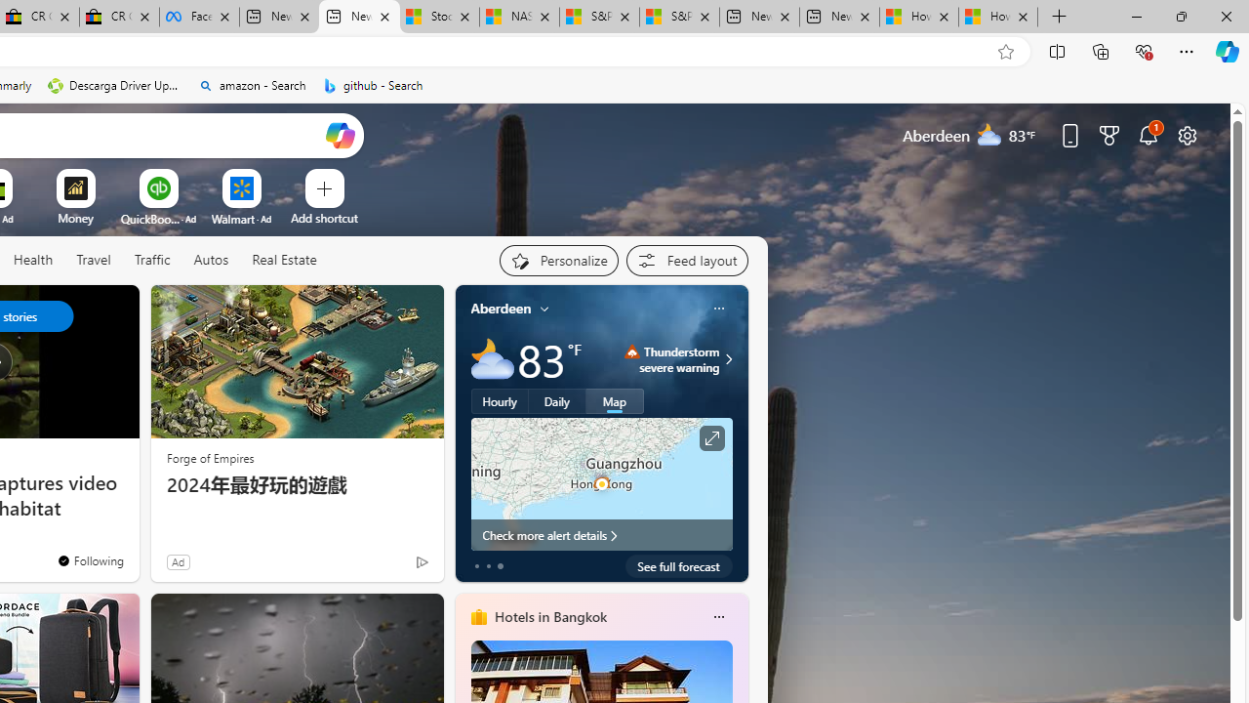  I want to click on 'See full forecast', so click(678, 565).